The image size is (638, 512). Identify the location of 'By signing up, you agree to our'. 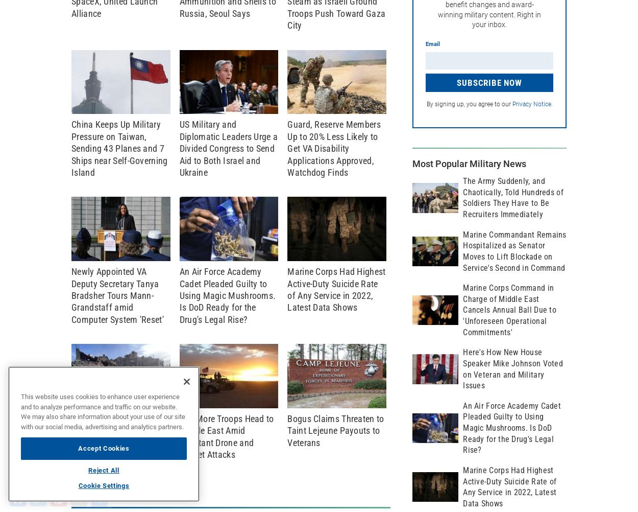
(426, 104).